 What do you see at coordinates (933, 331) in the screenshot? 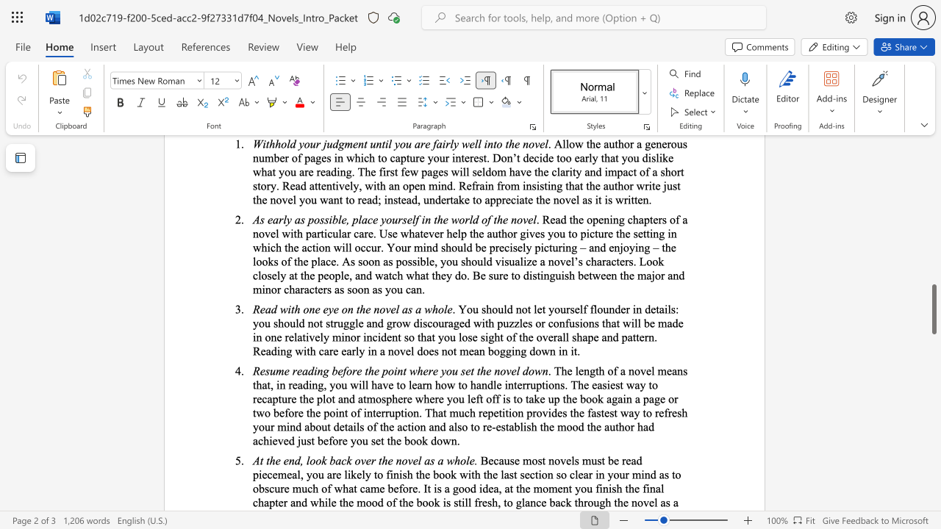
I see `the scrollbar to scroll upward` at bounding box center [933, 331].